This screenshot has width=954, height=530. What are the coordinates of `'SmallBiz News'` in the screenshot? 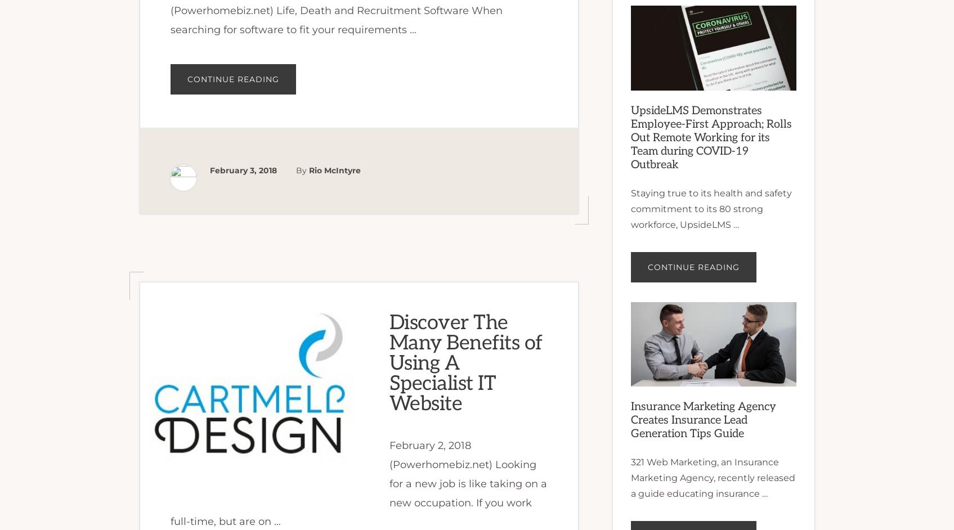 It's located at (172, 31).